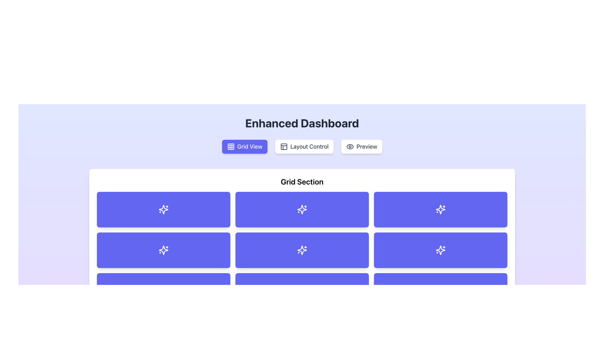 This screenshot has height=343, width=610. What do you see at coordinates (302, 250) in the screenshot?
I see `the star-shaped icon located in the second row and third column of the 'Grid Section', which features a minimalist design with geometric lines` at bounding box center [302, 250].